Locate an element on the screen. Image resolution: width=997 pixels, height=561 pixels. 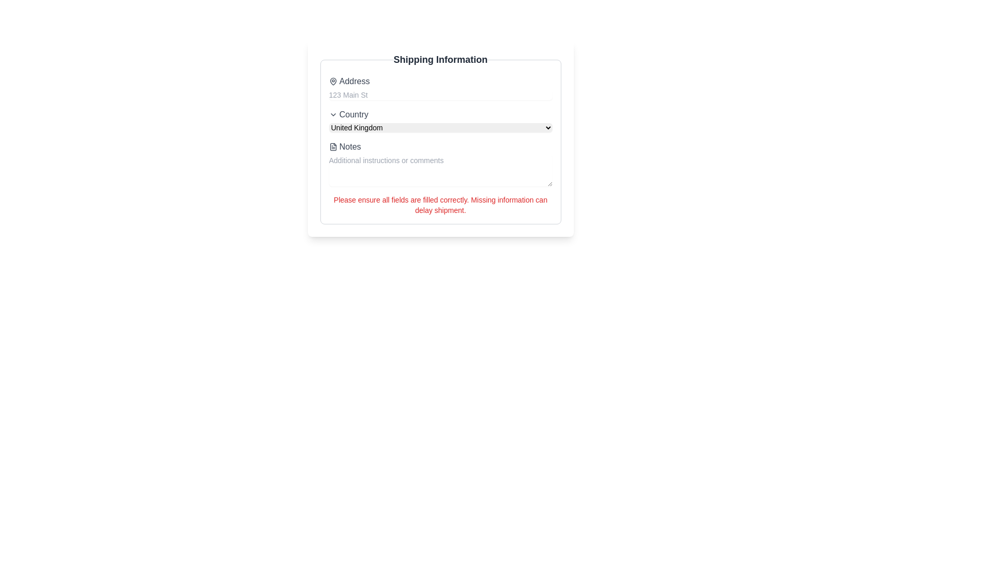
stylized map pin icon, which is red and positioned to the left of the 'Address' label in the 'Shipping Information' form is located at coordinates (333, 81).